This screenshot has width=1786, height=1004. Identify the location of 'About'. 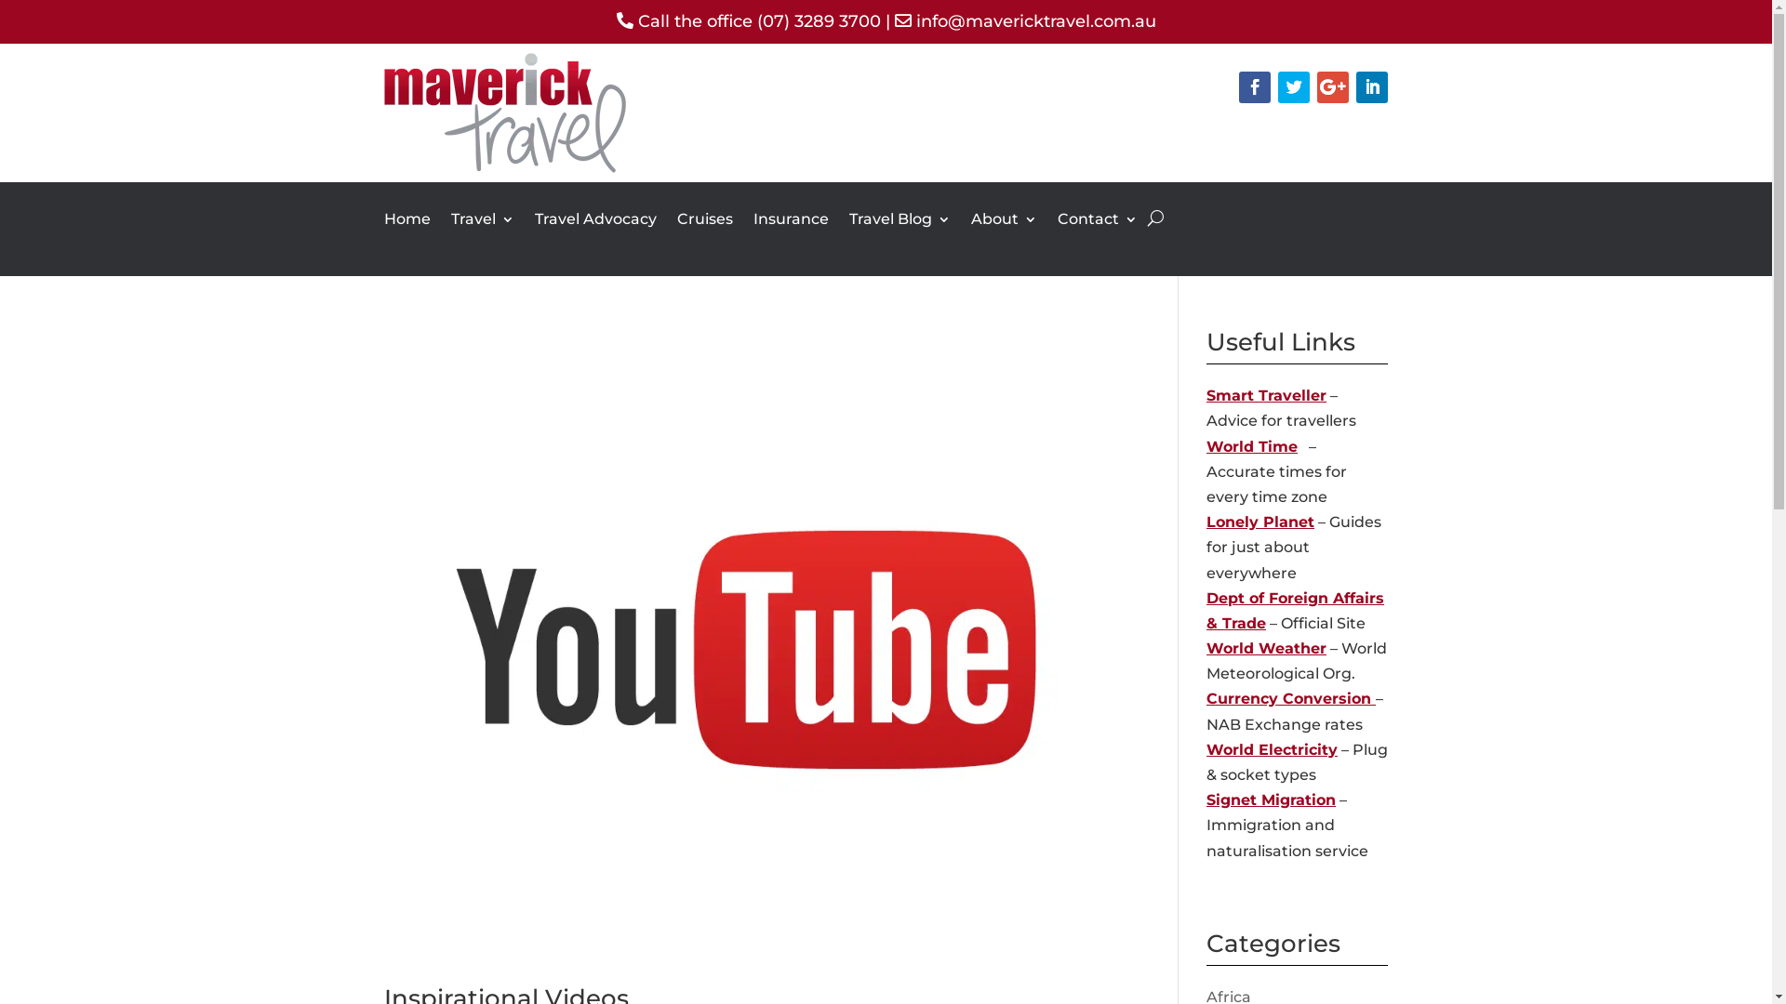
(1003, 231).